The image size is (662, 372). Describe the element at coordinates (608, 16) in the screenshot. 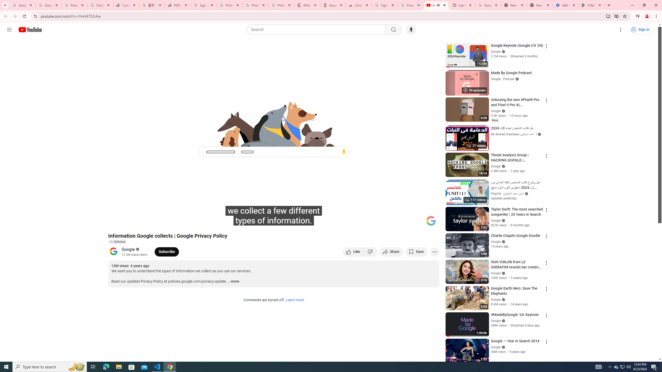

I see `'Install YouTube'` at that location.